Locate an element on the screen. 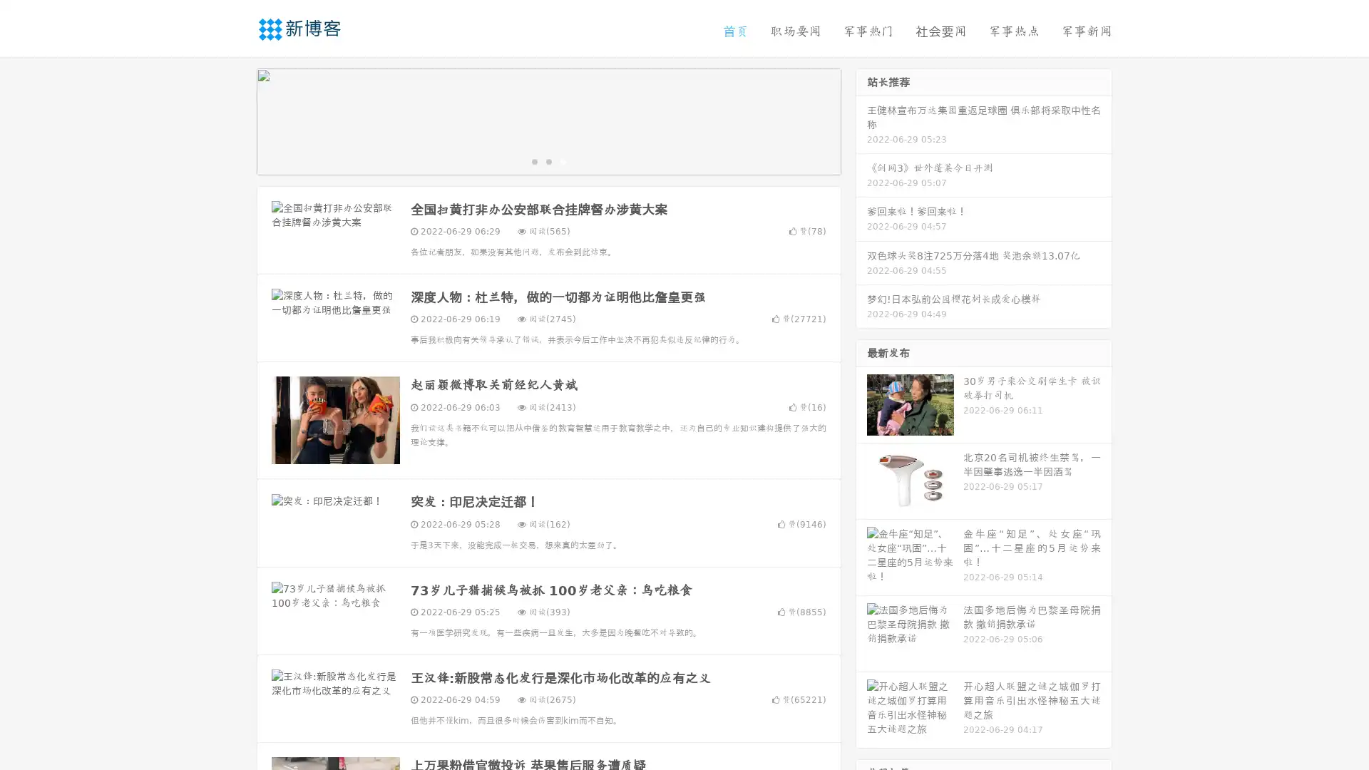 The height and width of the screenshot is (770, 1369). Go to slide 2 is located at coordinates (548, 160).